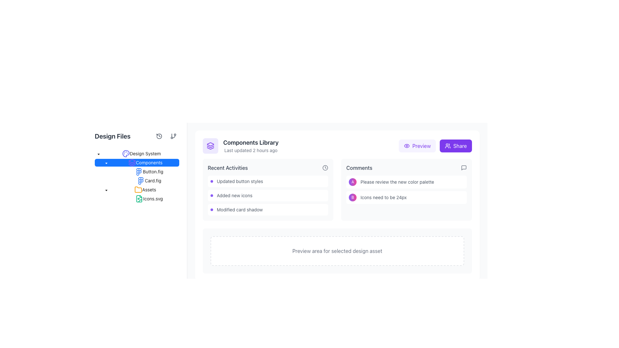 This screenshot has width=619, height=348. Describe the element at coordinates (268, 195) in the screenshot. I see `informational list item labeled 'Added new icons', which is the second item in the 'Recent Activities' section located on the left side of the interface` at that location.